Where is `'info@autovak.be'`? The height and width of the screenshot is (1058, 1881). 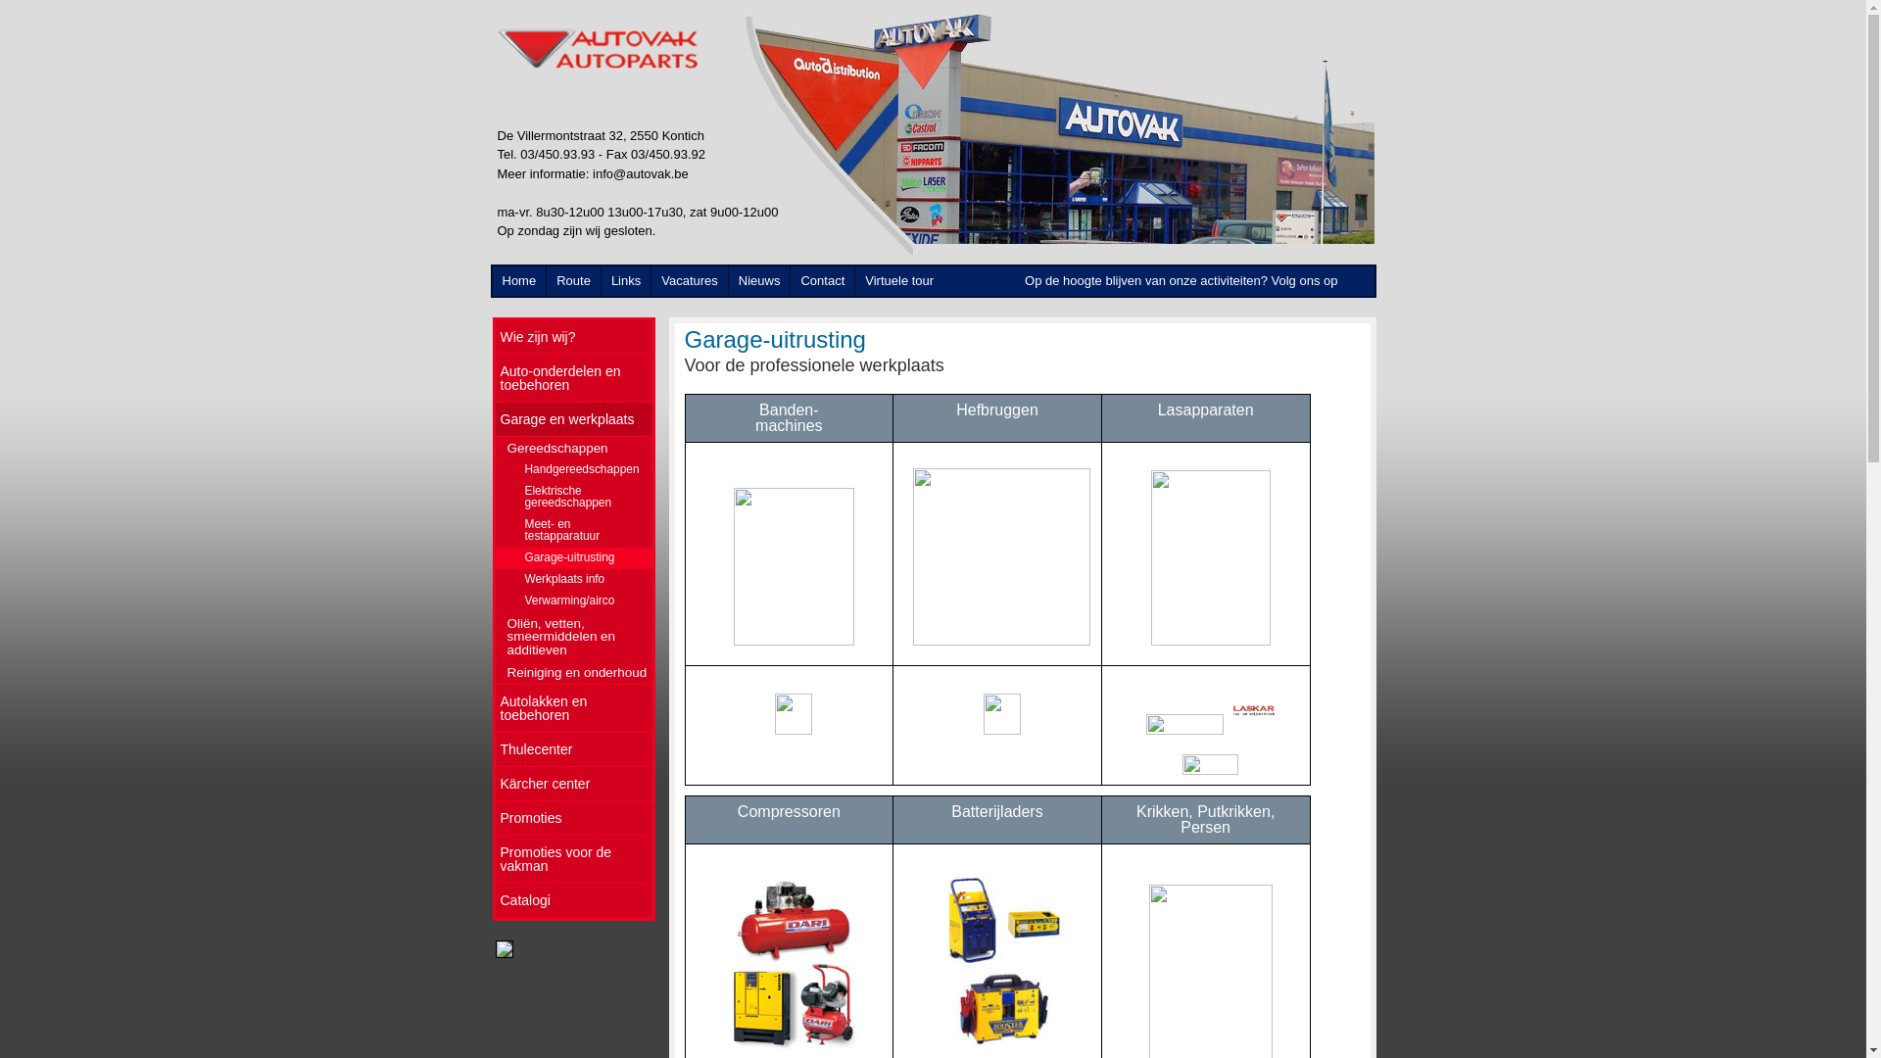 'info@autovak.be' is located at coordinates (640, 172).